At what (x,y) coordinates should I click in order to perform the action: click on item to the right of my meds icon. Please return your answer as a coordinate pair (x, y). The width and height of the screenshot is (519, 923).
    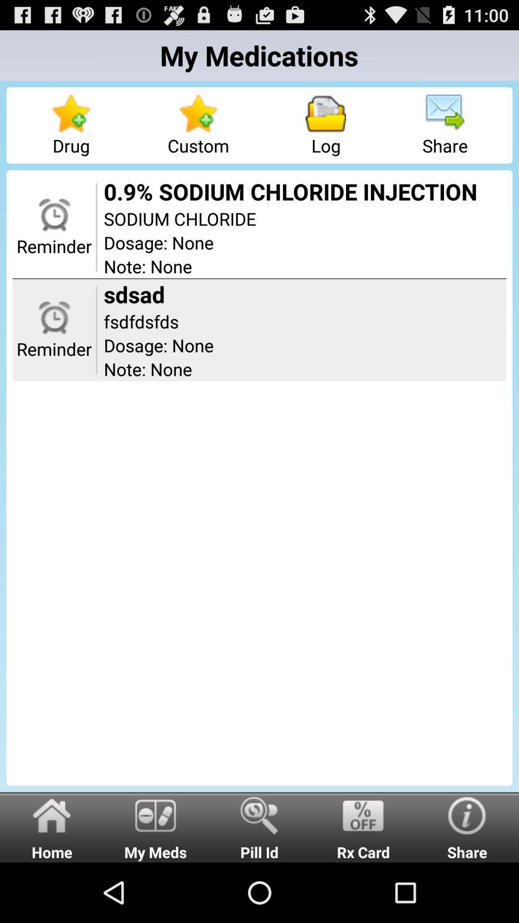
    Looking at the image, I should click on (259, 826).